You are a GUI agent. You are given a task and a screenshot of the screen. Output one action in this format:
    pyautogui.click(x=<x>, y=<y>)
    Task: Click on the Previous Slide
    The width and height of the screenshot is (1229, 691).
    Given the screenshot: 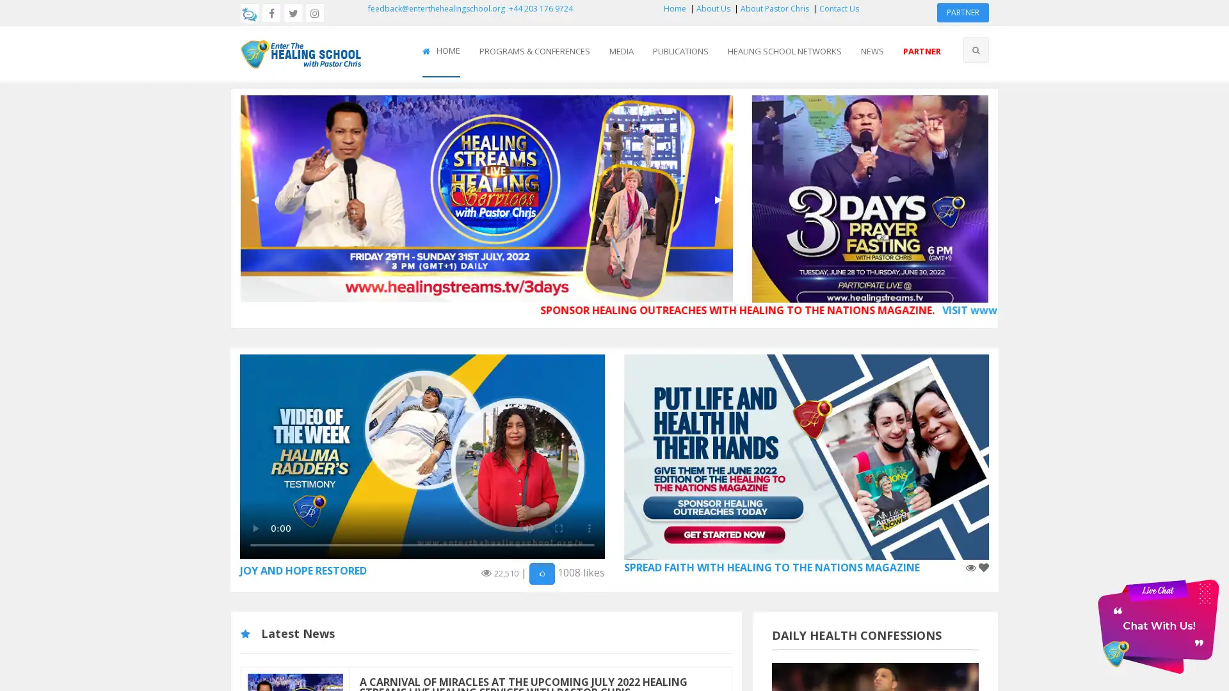 What is the action you would take?
    pyautogui.click(x=255, y=199)
    